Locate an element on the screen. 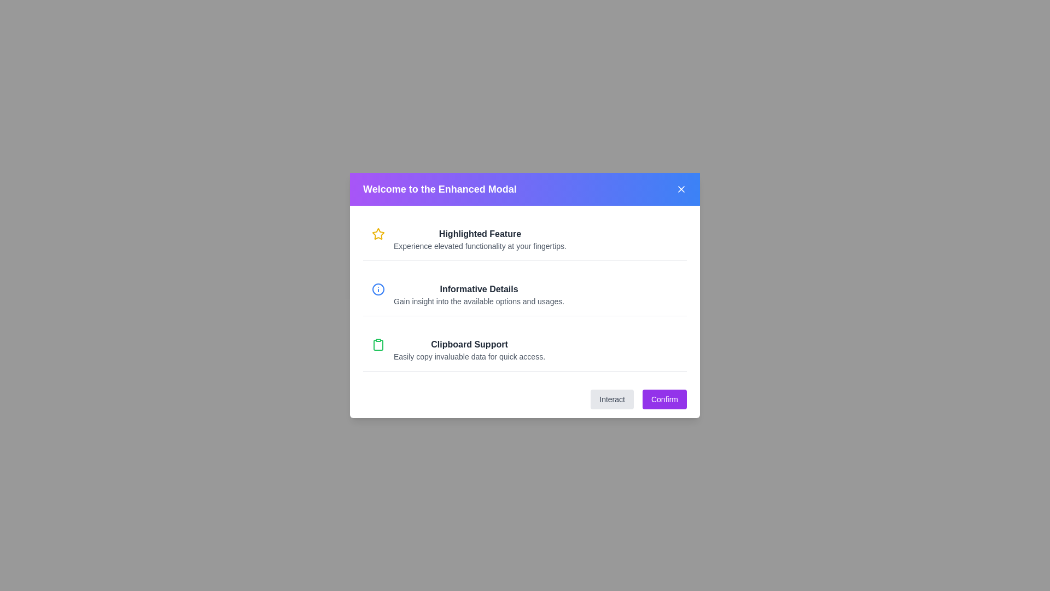 The height and width of the screenshot is (591, 1050). the displayed information in the Information Display Block about the 'Clipboard Support' feature, which is the third item in a vertical sequence is located at coordinates (469, 350).